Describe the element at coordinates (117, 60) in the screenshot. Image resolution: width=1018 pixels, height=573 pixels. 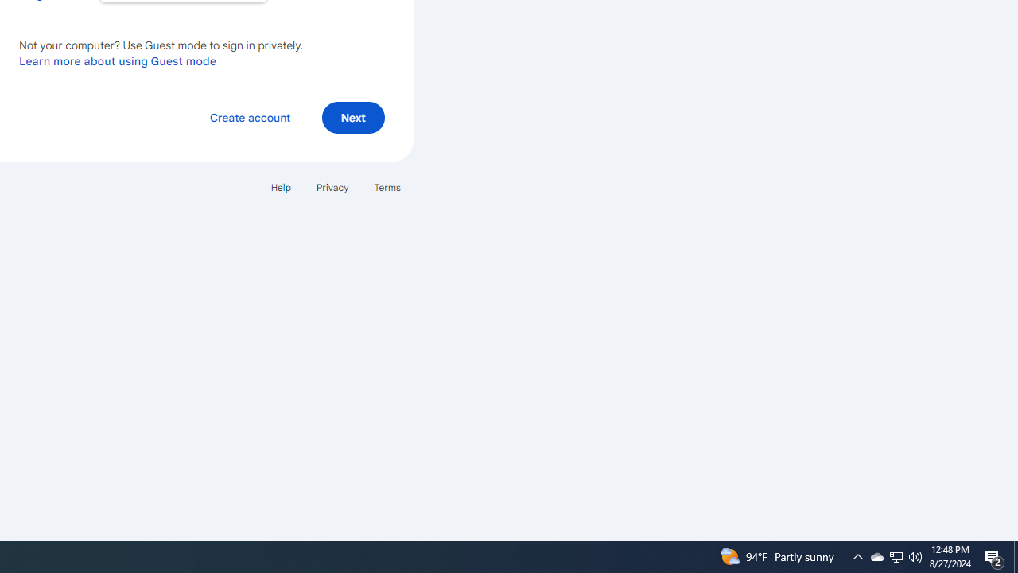
I see `'Learn more about using Guest mode'` at that location.